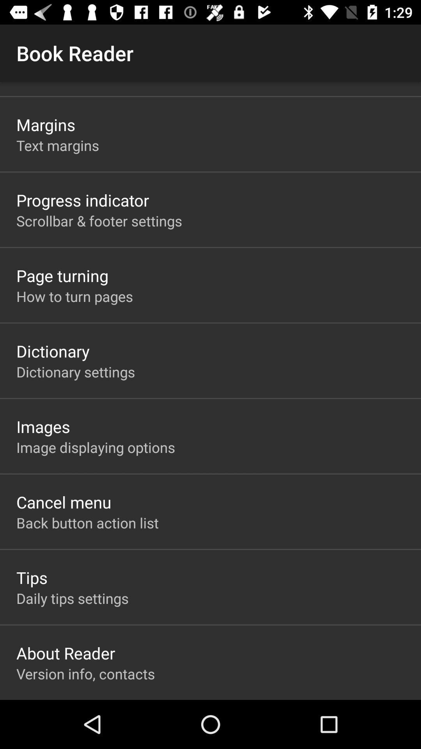 This screenshot has width=421, height=749. I want to click on dictionary settings app, so click(76, 371).